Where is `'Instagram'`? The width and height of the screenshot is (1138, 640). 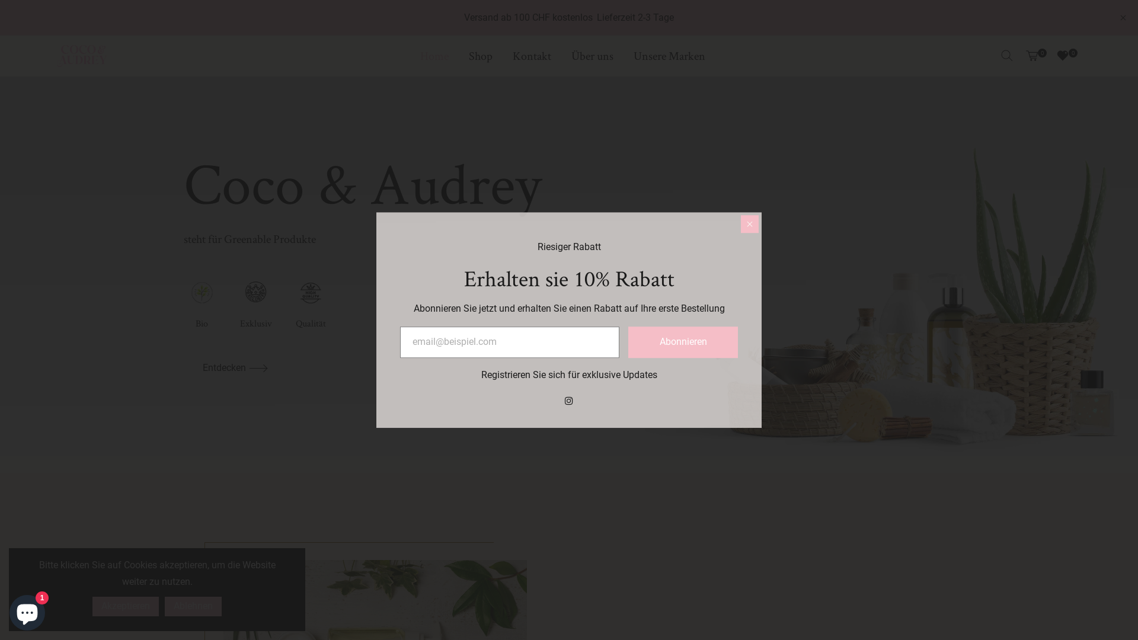 'Instagram' is located at coordinates (569, 400).